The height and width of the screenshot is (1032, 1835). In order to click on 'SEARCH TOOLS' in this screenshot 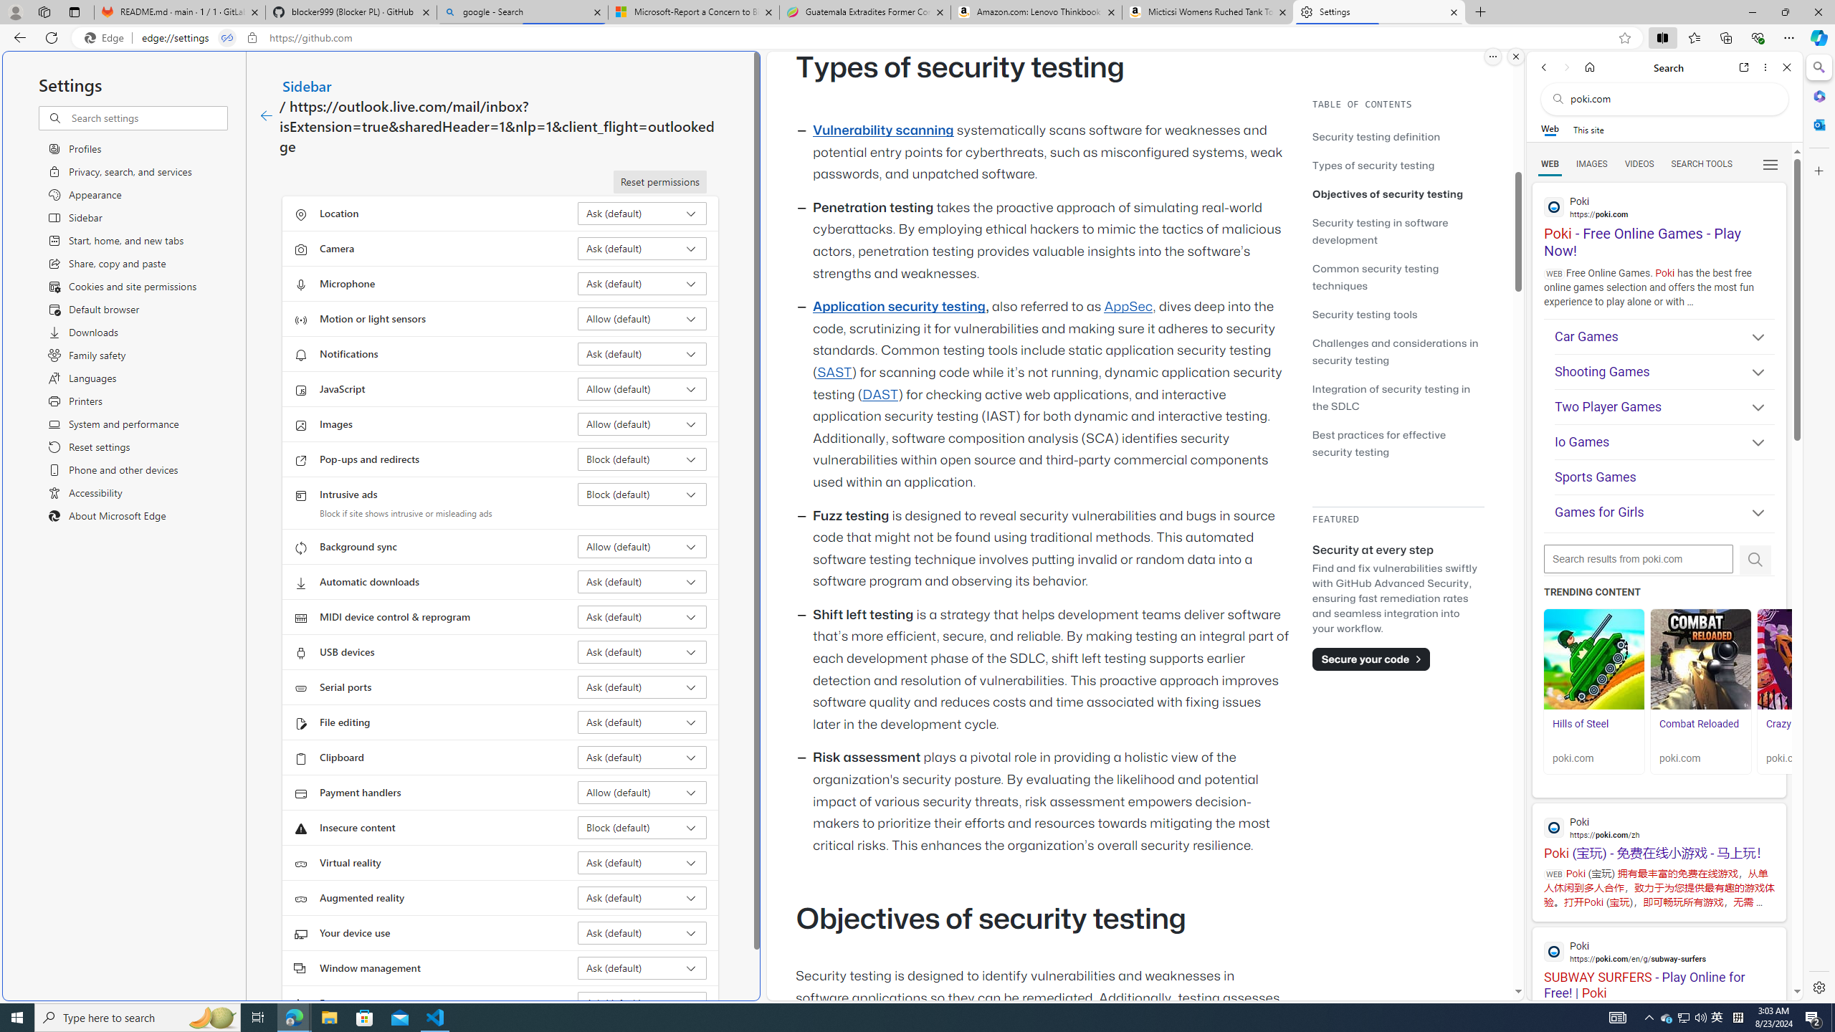, I will do `click(1701, 164)`.